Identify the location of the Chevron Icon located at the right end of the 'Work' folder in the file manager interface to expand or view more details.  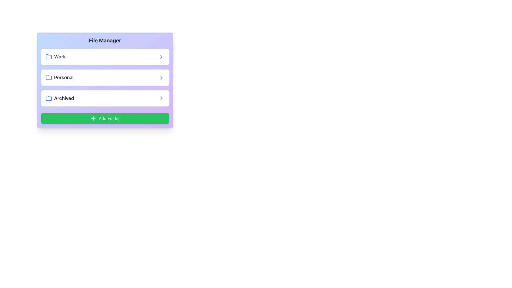
(161, 57).